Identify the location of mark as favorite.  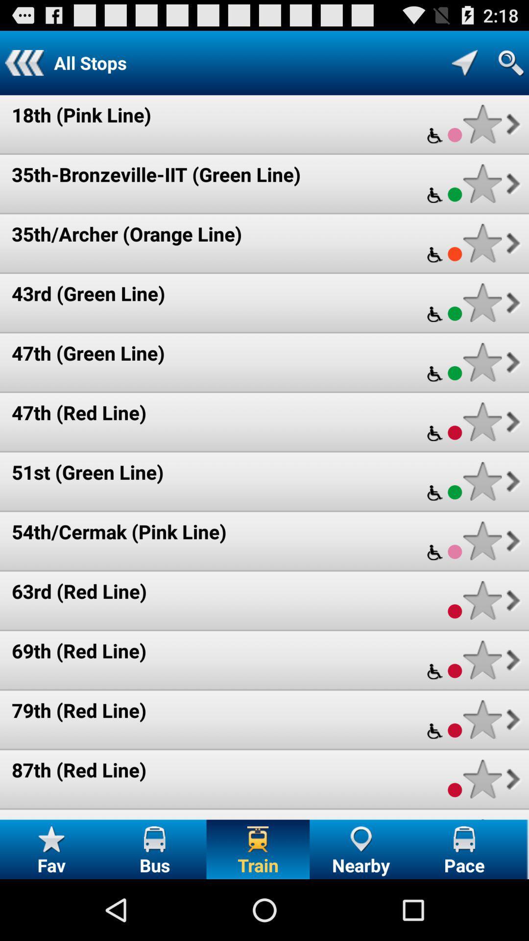
(482, 660).